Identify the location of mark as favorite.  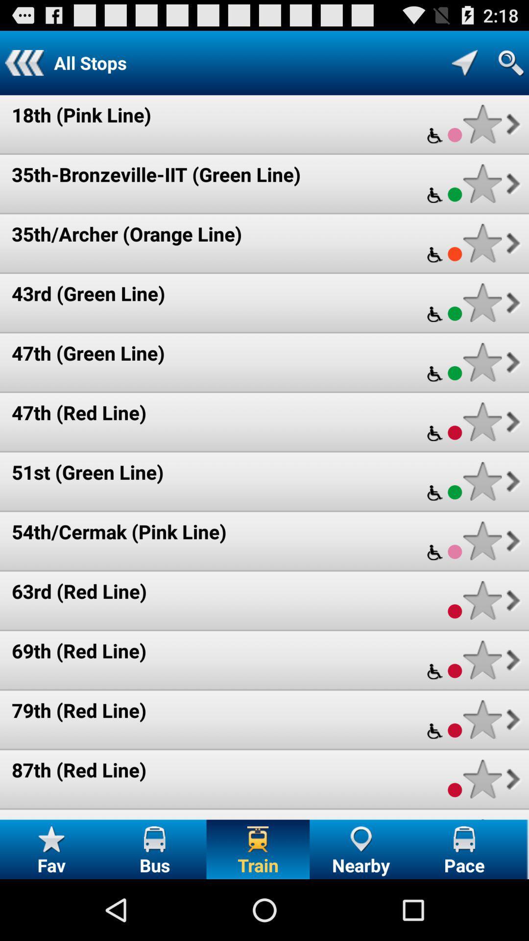
(482, 660).